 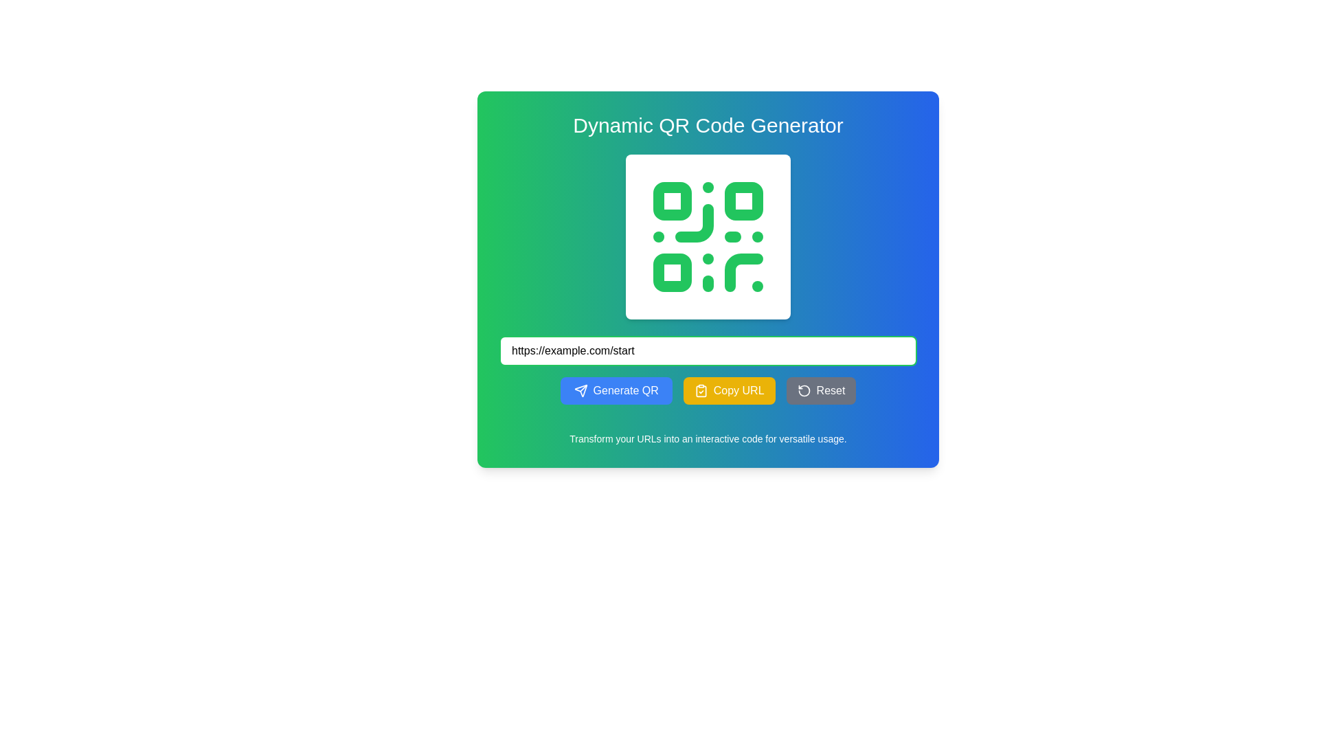 I want to click on the primary circular portion of the counterclockwise rotation icon, which is styled as a minimalist SVG element and is located near the top-right corner of the interface, adjacent to the 'Reset' button, so click(x=804, y=391).